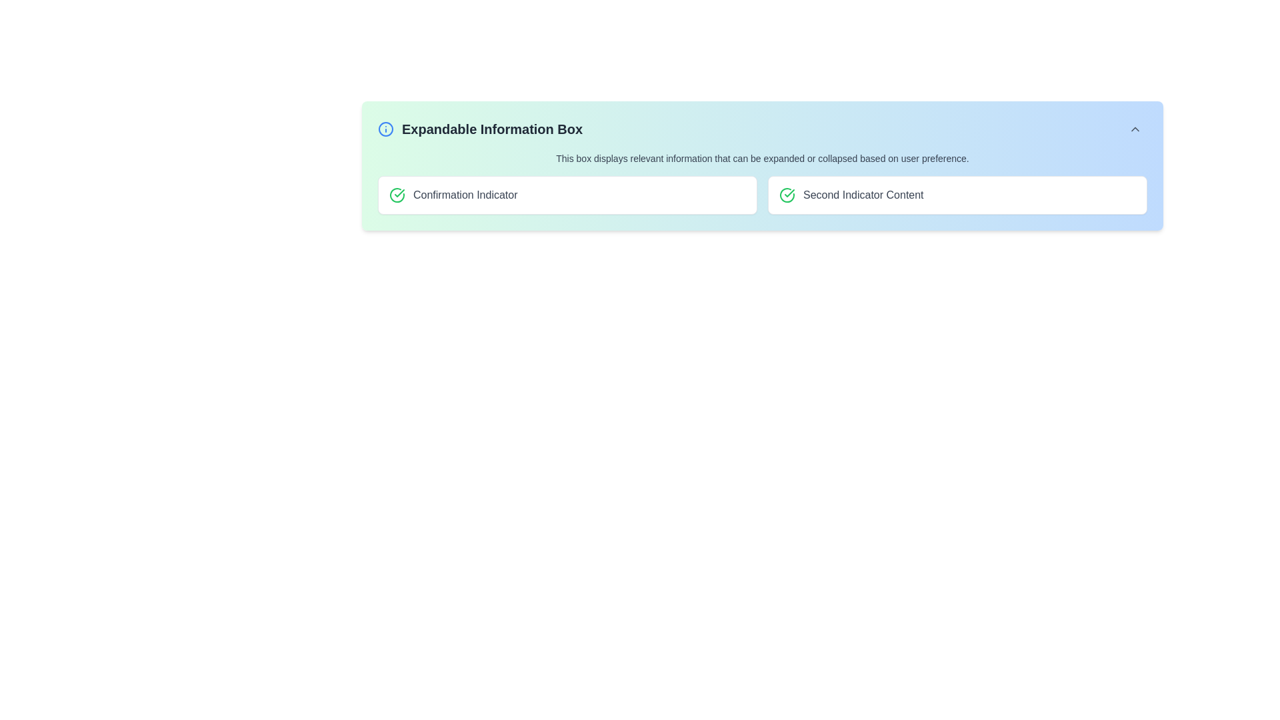 The height and width of the screenshot is (720, 1280). I want to click on the success indicator icon located at the top right of the interface within the 'Second Indicator Content' section, so click(787, 195).